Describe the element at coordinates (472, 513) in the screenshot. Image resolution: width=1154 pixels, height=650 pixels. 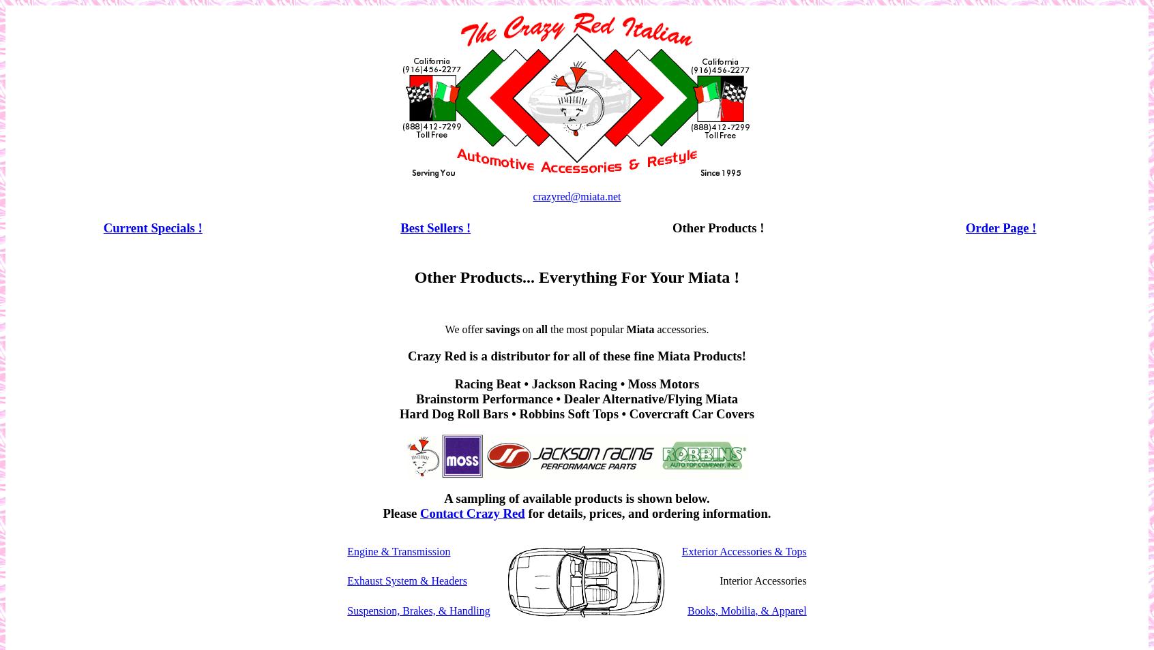
I see `'Contact Crazy Red'` at that location.